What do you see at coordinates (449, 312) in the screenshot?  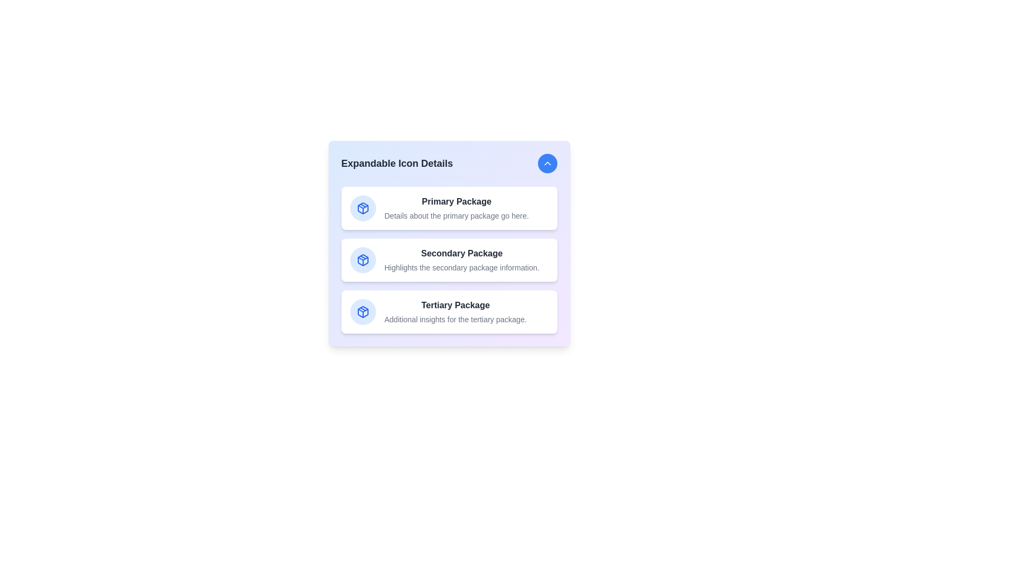 I see `the 'Tertiary Package' Information Card, which is the third card in a vertical list with a blue circular icon and a white package symbol` at bounding box center [449, 312].